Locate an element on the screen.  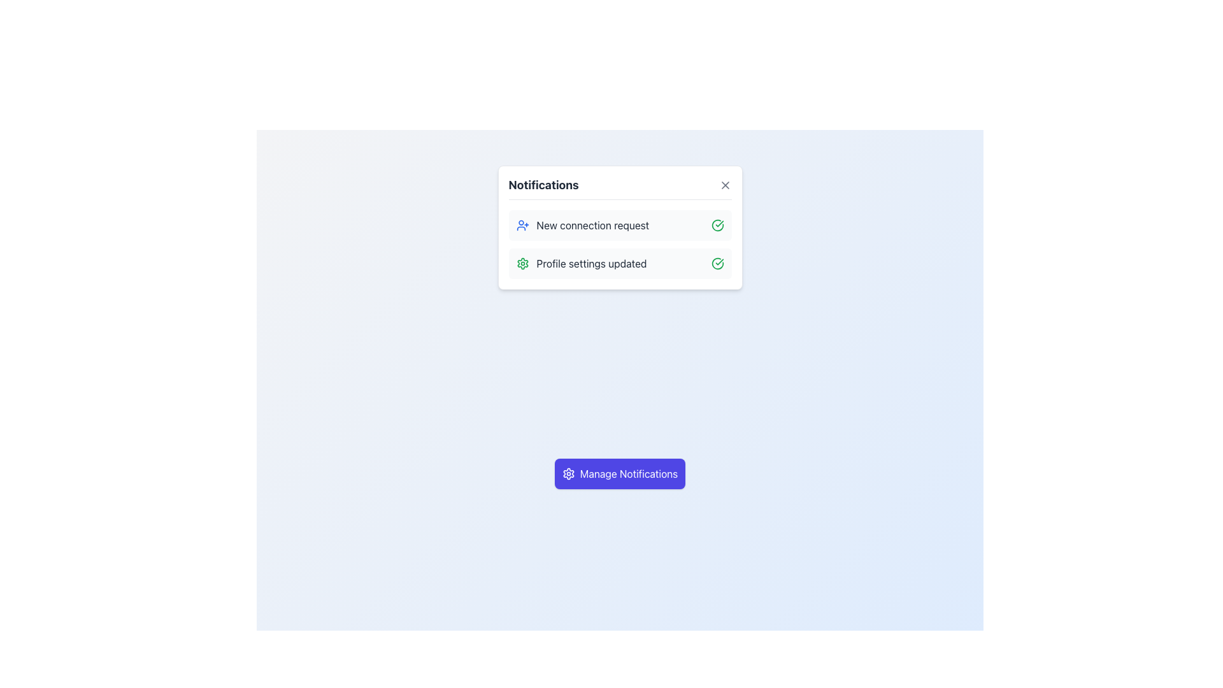
the green circular check icon located at the right end of the 'Profile settings updated' notification row within the 'Notifications' card to acknowledge the notification is located at coordinates (717, 262).